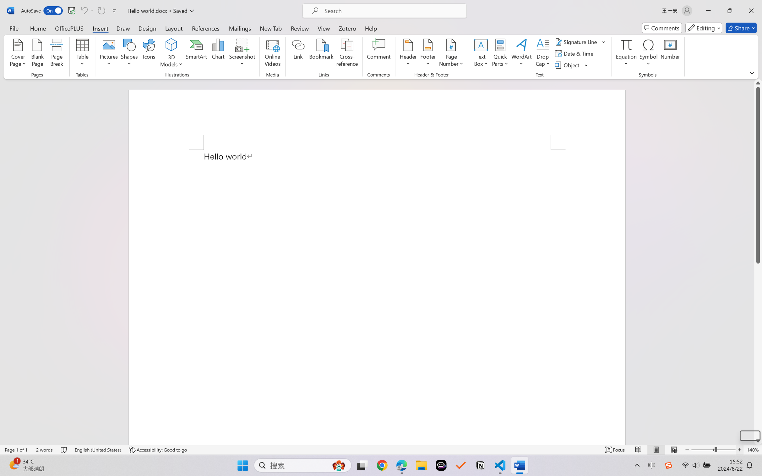 This screenshot has width=762, height=476. What do you see at coordinates (347, 54) in the screenshot?
I see `'Cross-reference...'` at bounding box center [347, 54].